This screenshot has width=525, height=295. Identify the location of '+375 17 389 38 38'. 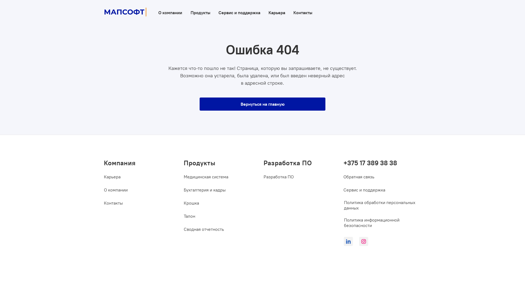
(379, 163).